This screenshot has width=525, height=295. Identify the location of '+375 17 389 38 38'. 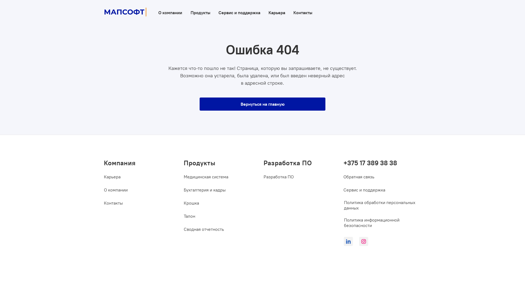
(379, 163).